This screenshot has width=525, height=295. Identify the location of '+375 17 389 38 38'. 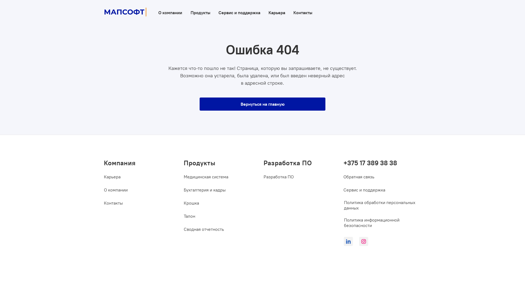
(379, 163).